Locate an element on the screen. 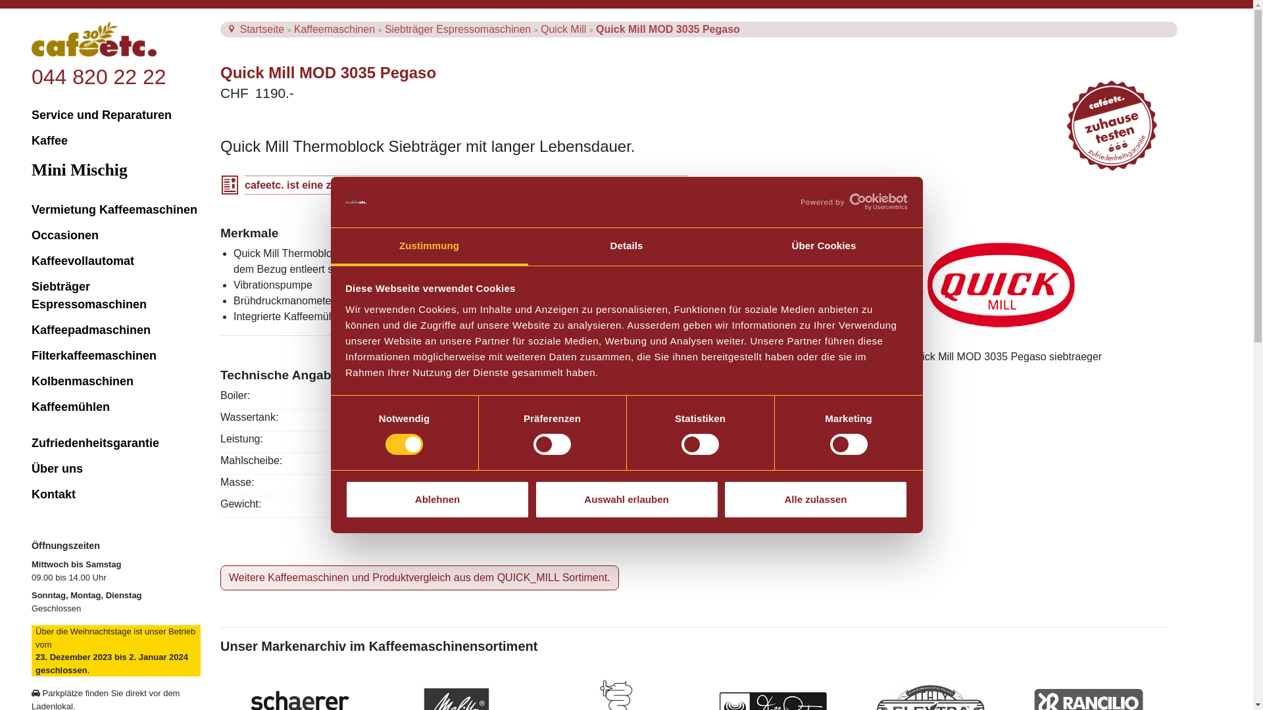 The image size is (1263, 710). 'Next' is located at coordinates (1126, 357).